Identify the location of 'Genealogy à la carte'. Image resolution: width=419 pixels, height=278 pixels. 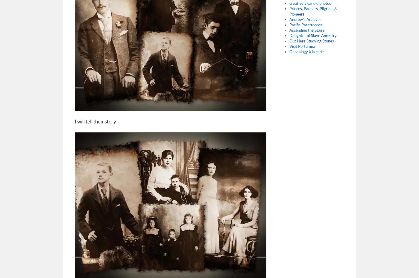
(306, 51).